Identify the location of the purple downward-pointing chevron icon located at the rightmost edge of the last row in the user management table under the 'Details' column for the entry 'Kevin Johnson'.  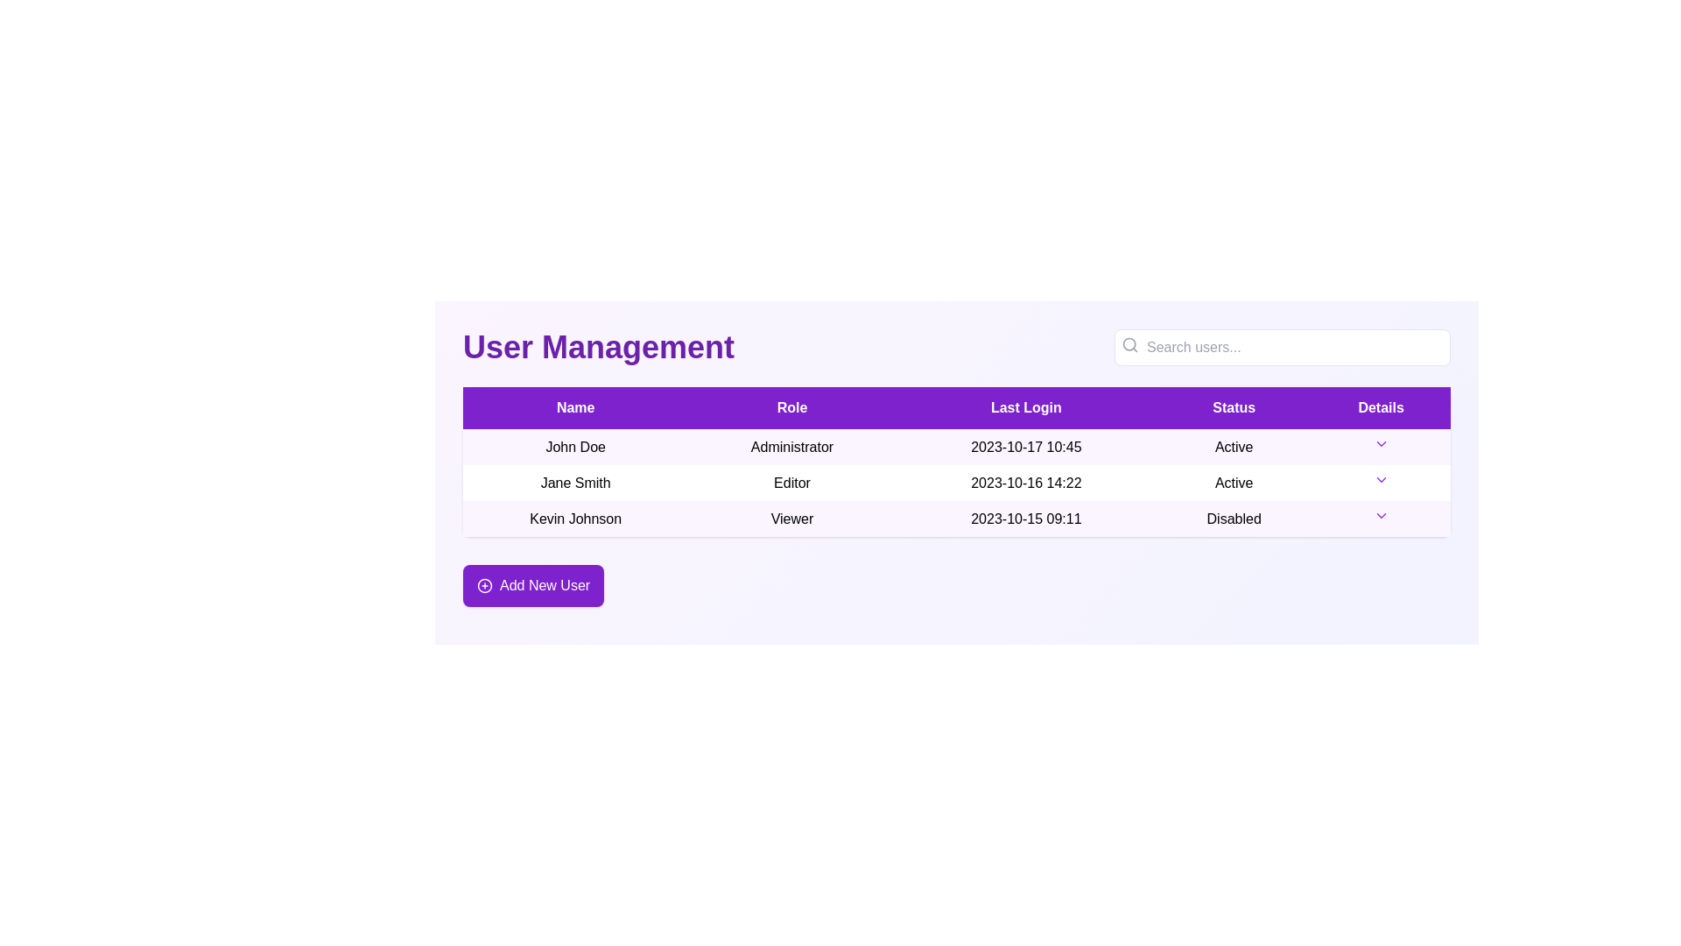
(1380, 518).